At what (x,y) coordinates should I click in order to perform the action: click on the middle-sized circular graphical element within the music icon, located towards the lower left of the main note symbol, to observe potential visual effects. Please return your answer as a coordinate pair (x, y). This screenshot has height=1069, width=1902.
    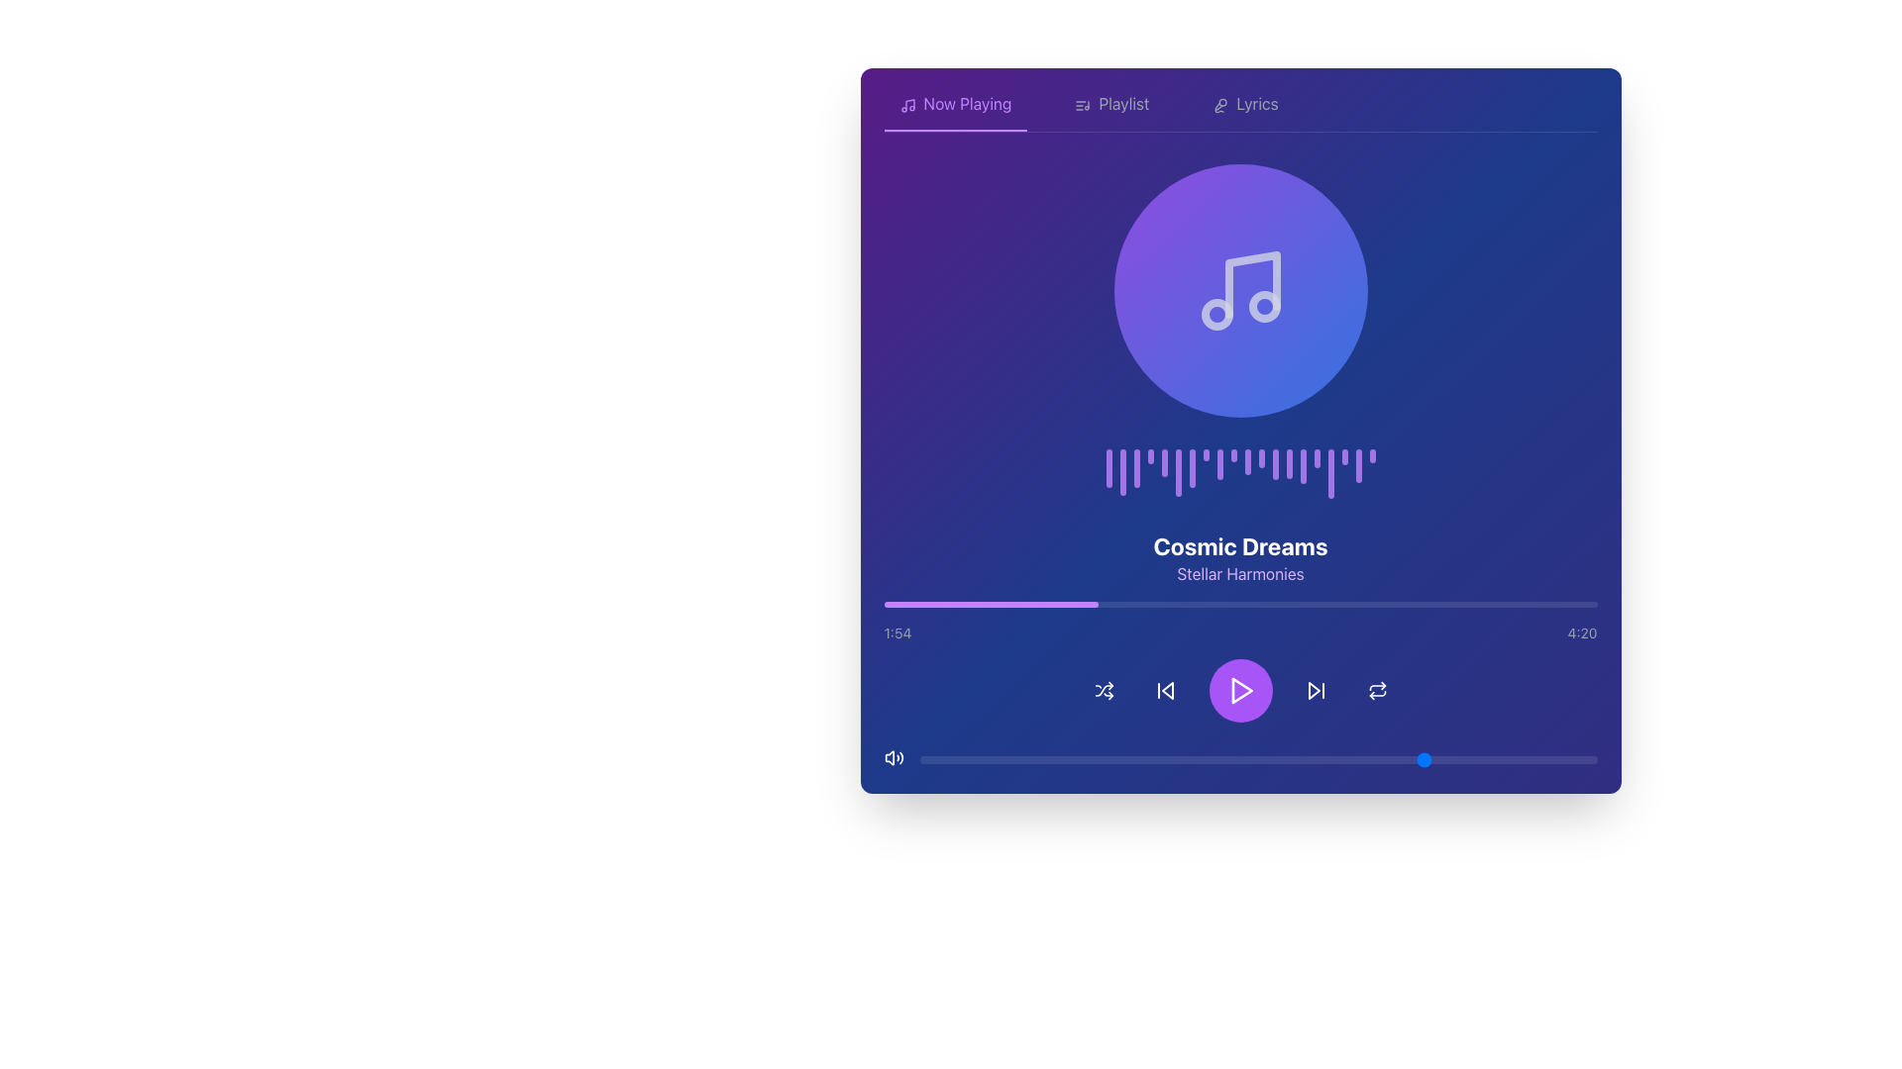
    Looking at the image, I should click on (1215, 313).